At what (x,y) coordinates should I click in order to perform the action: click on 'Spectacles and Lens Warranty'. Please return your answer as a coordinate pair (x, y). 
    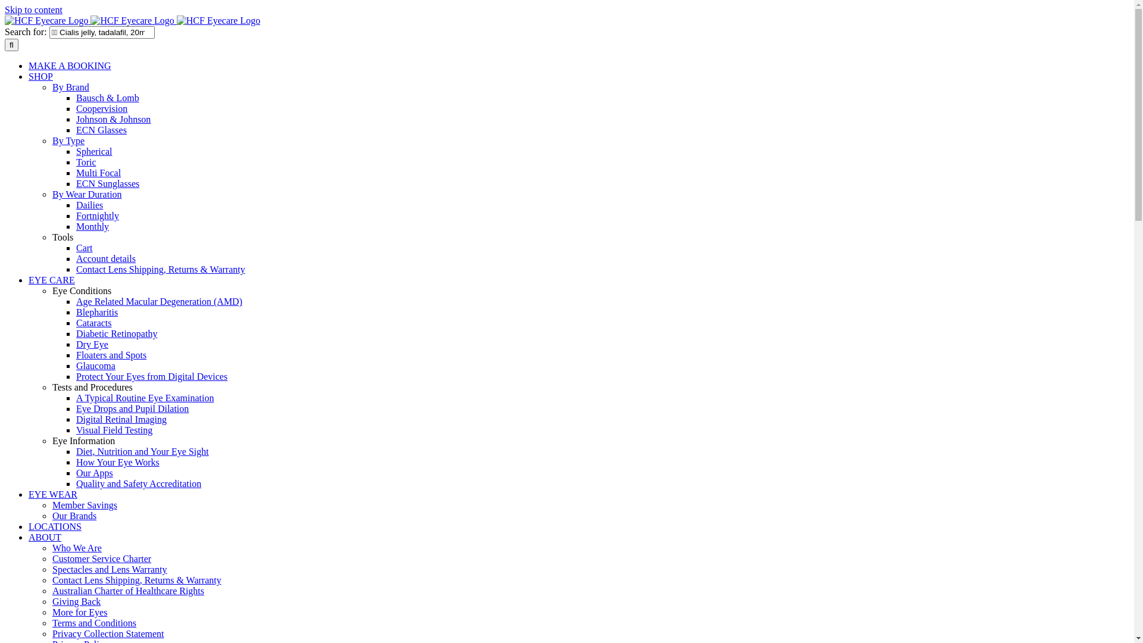
    Looking at the image, I should click on (110, 569).